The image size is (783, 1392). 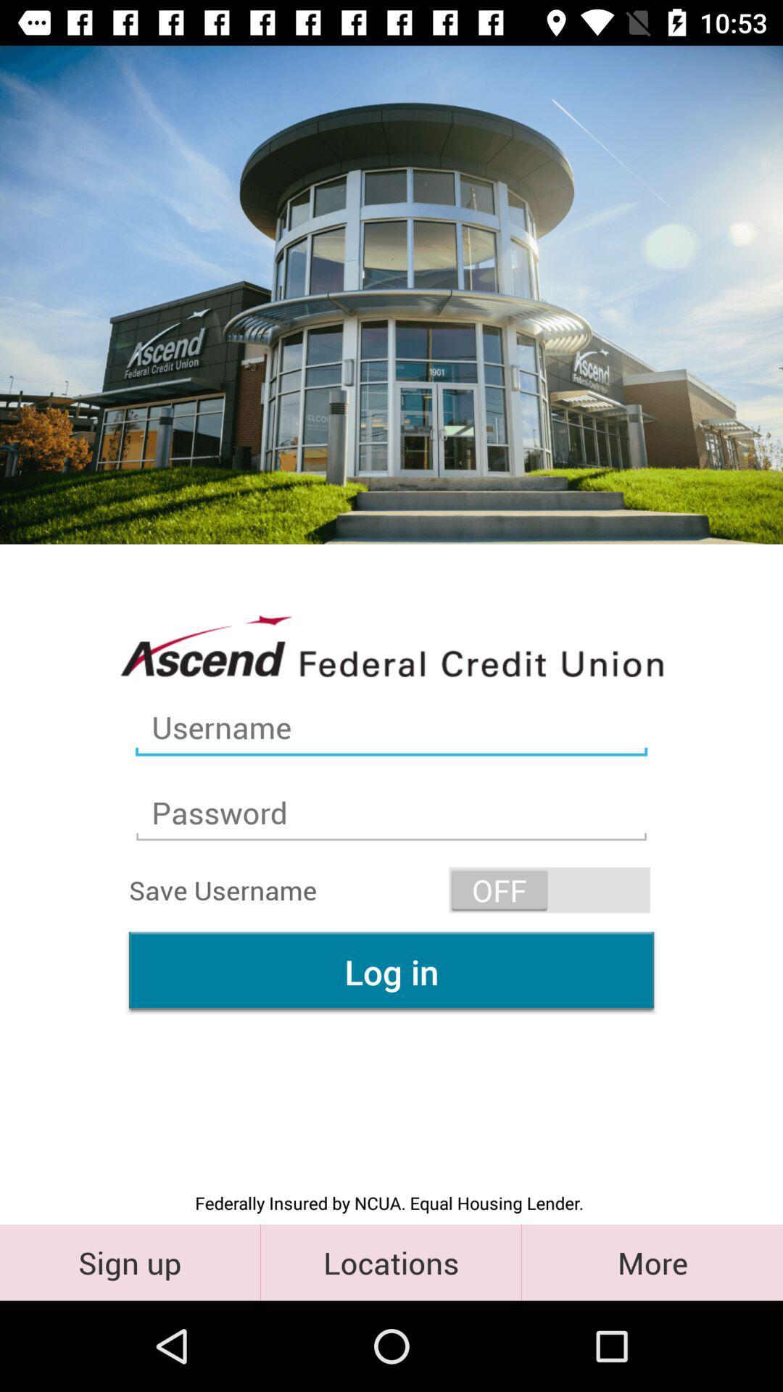 What do you see at coordinates (390, 1261) in the screenshot?
I see `the icon to the right of sign up icon` at bounding box center [390, 1261].